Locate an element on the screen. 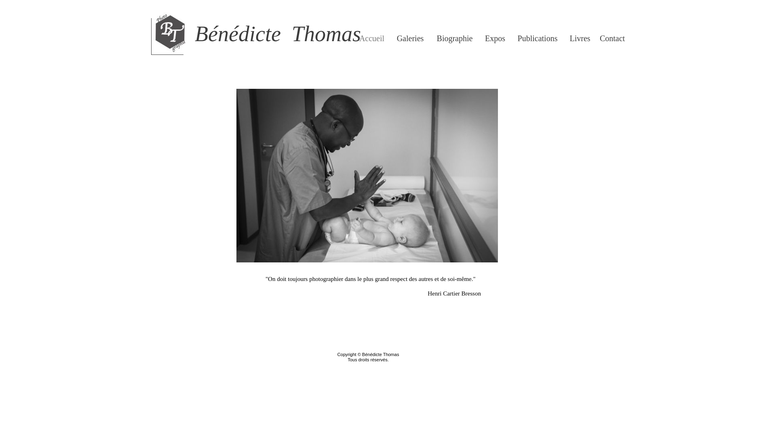  'Accueil' is located at coordinates (358, 38).